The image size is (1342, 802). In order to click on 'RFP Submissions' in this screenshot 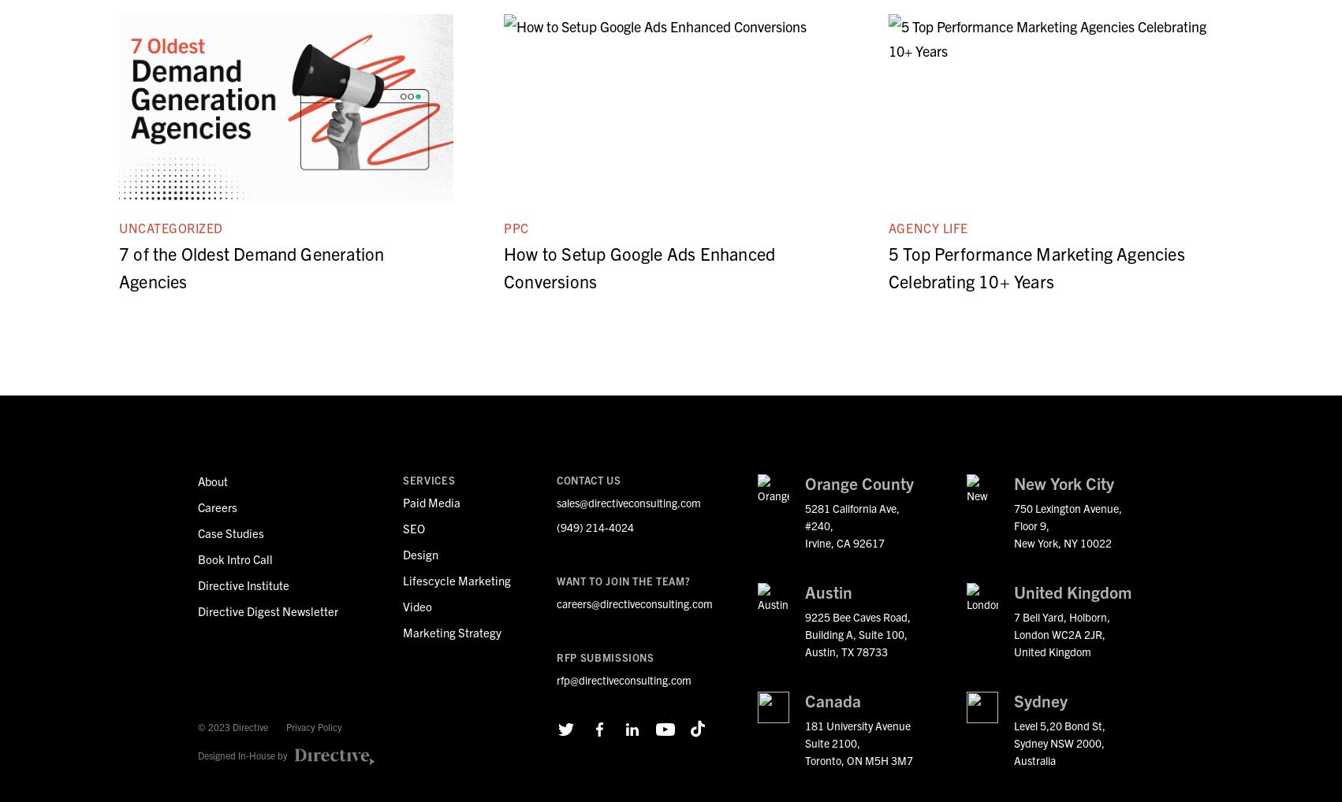, I will do `click(604, 656)`.